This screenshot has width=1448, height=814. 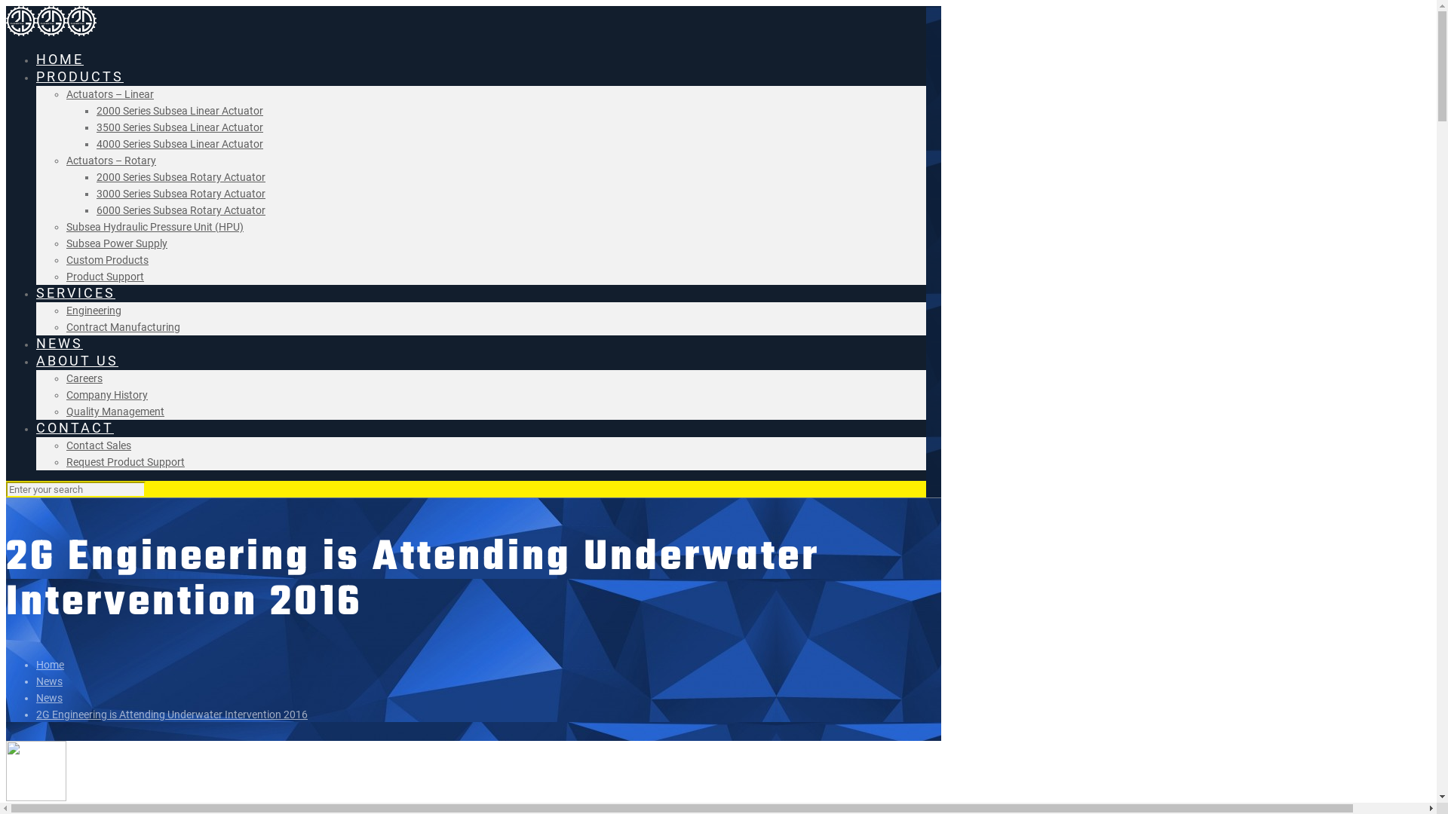 What do you see at coordinates (155, 226) in the screenshot?
I see `'Subsea Hydraulic Pressure Unit (HPU)'` at bounding box center [155, 226].